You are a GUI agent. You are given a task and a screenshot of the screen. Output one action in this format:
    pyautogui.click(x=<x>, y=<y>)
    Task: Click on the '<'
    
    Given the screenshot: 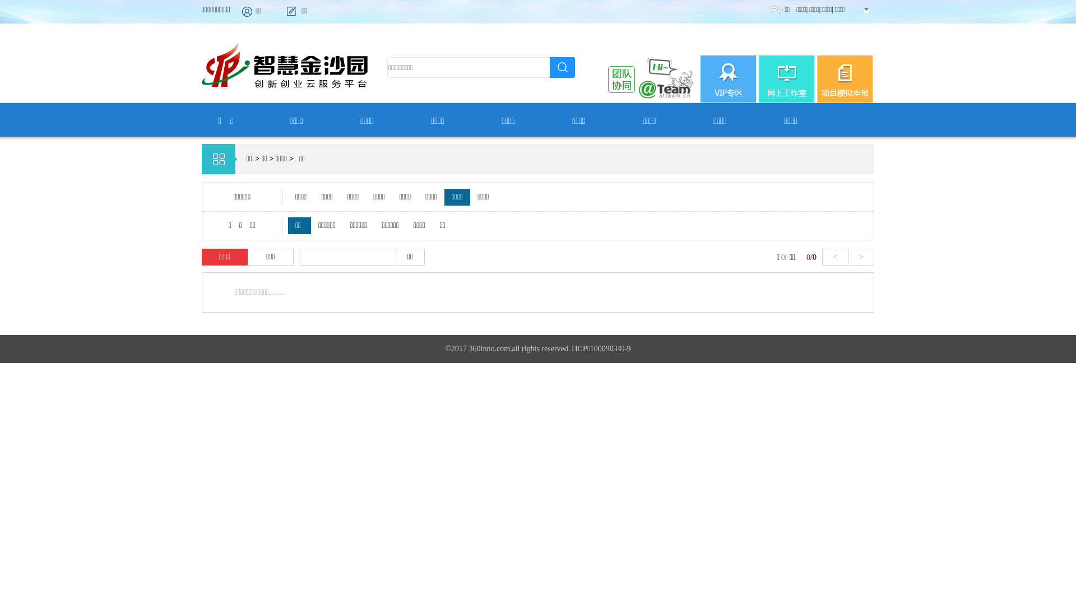 What is the action you would take?
    pyautogui.click(x=835, y=257)
    